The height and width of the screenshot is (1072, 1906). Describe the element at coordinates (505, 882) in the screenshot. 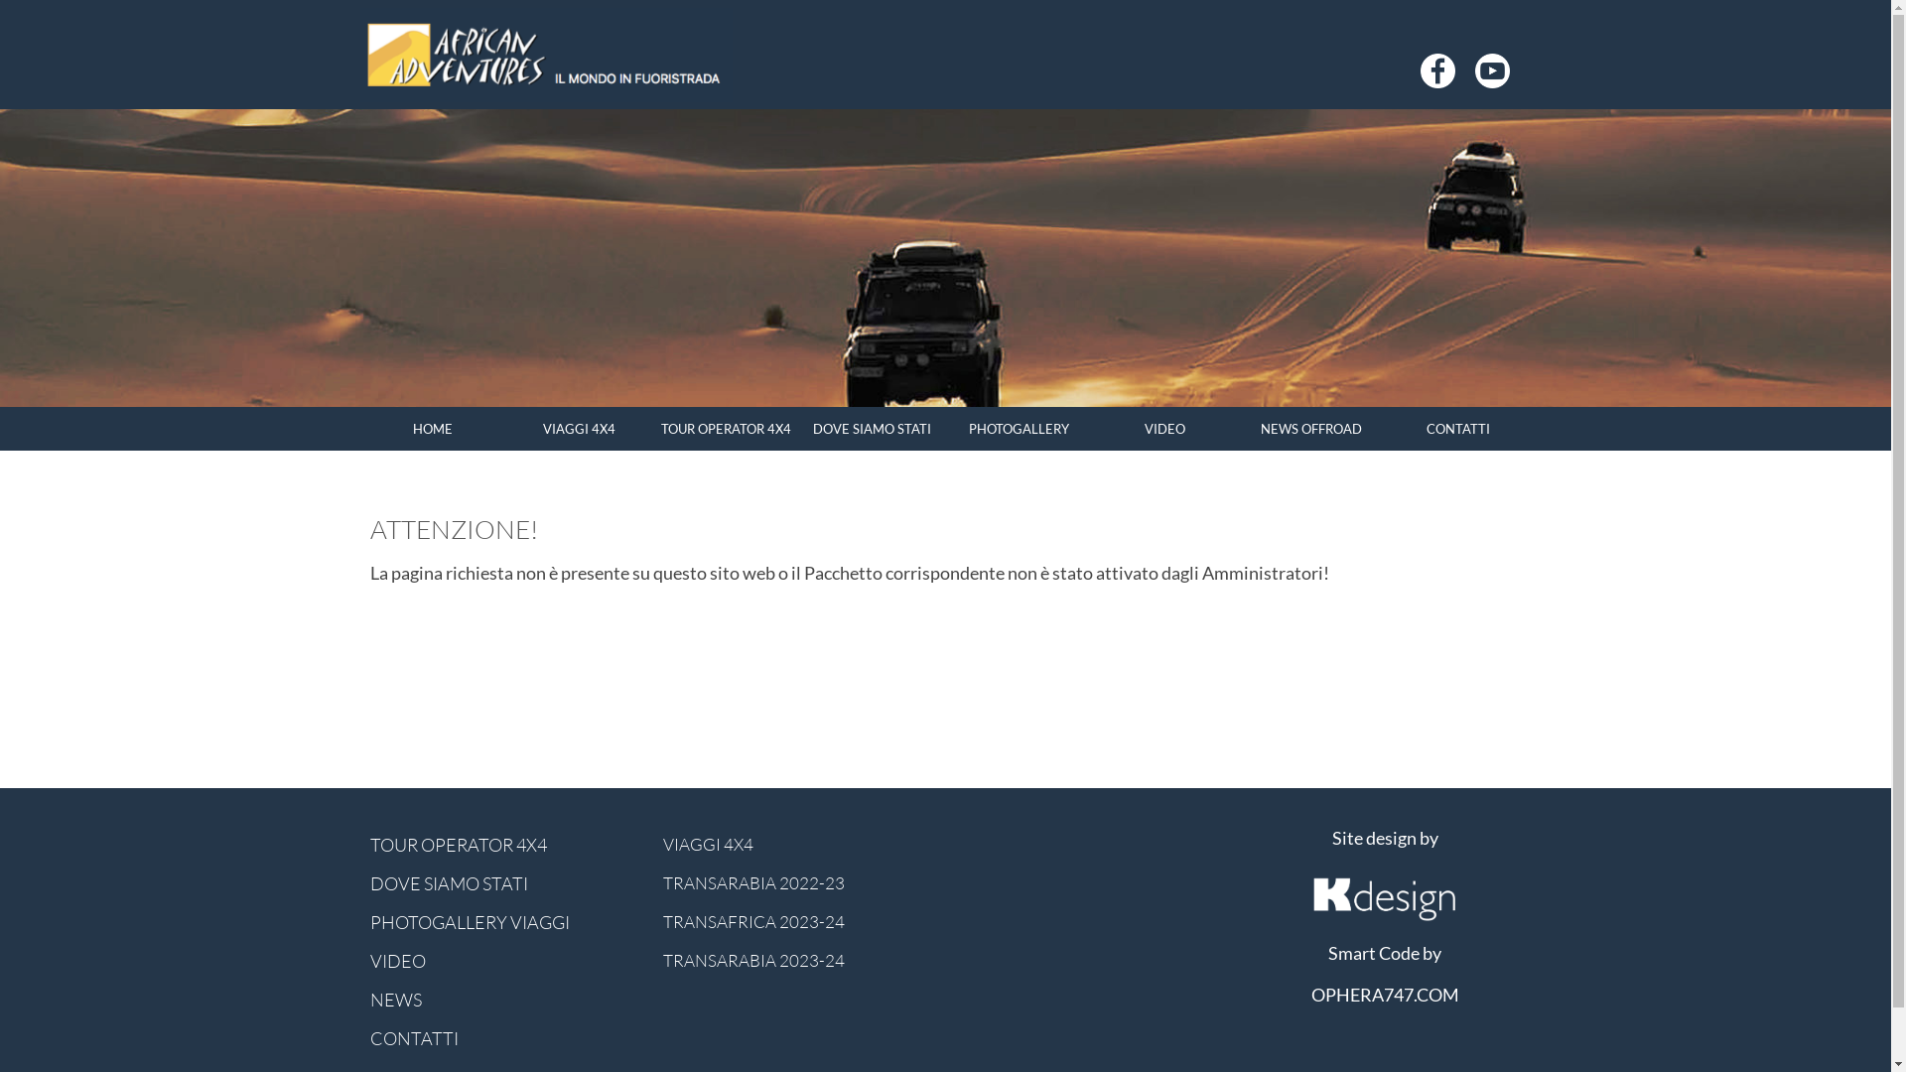

I see `'DOVE SIAMO STATI'` at that location.